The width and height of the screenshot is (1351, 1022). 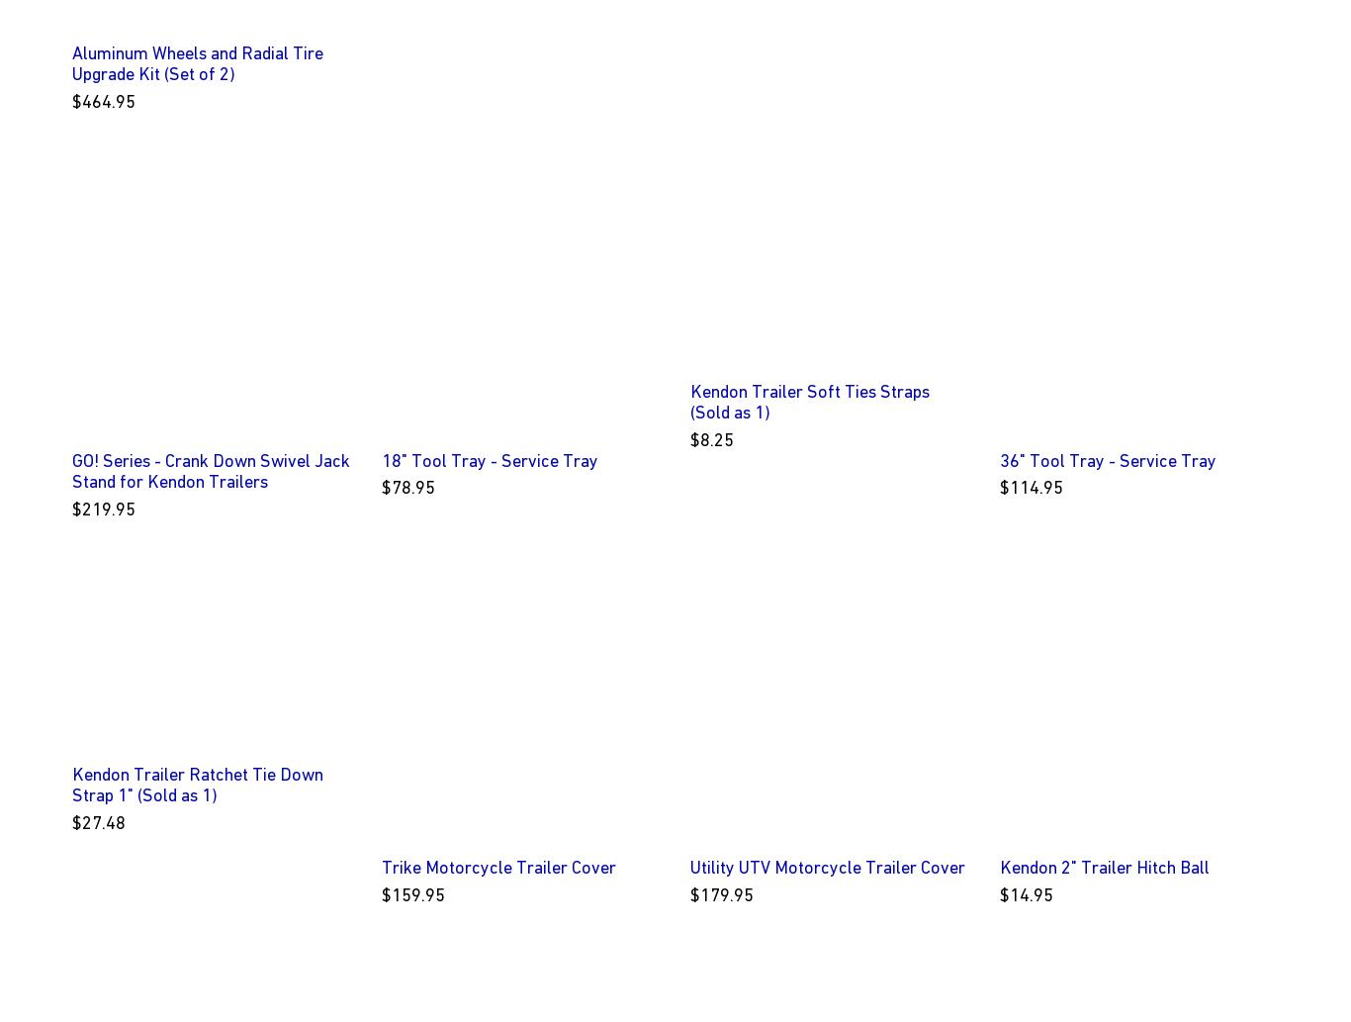 What do you see at coordinates (196, 62) in the screenshot?
I see `'Aluminum Wheels and Radial Tire Upgrade Kit (Set of 2)'` at bounding box center [196, 62].